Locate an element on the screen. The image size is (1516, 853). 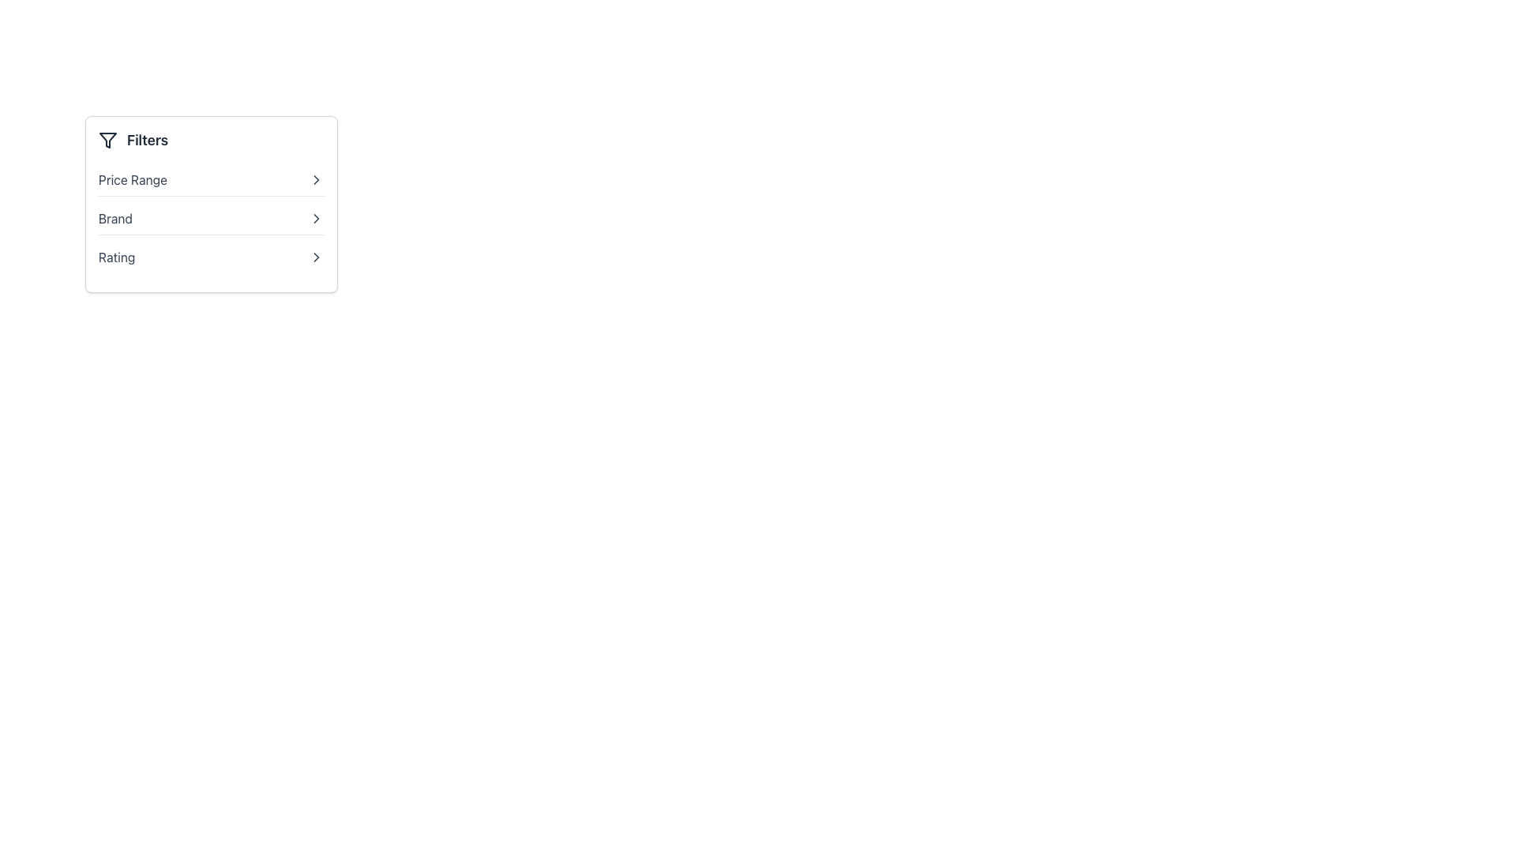
the triangular filter icon located near the left side of the 'Filters' title text in the small card is located at coordinates (107, 139).